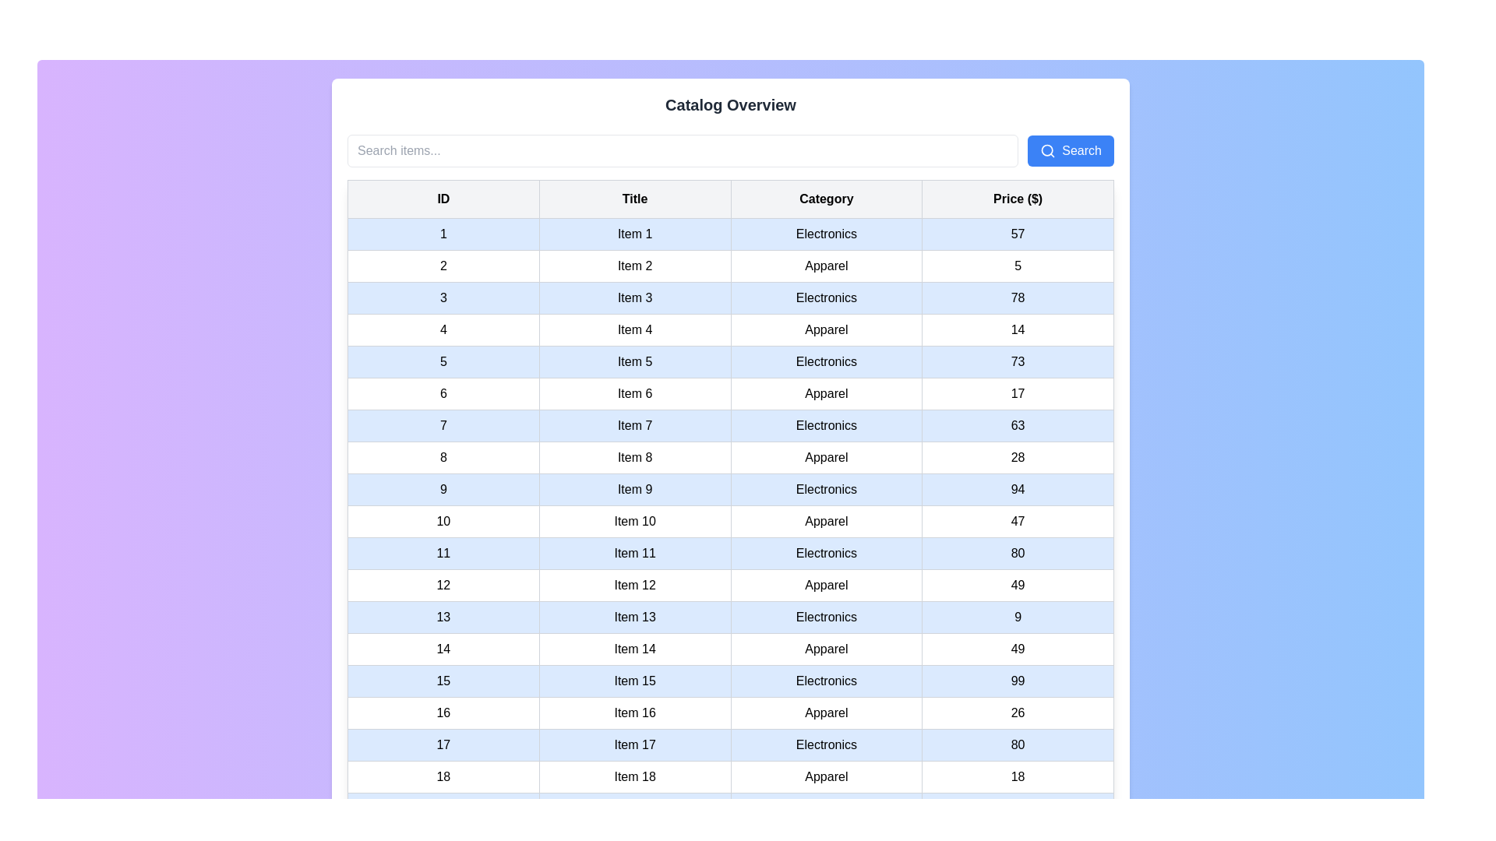  I want to click on the informational Table Cell that displays the title or label of the item in row 16 of the table, located in the second cell of that row between '16' and 'Apparel', so click(635, 713).